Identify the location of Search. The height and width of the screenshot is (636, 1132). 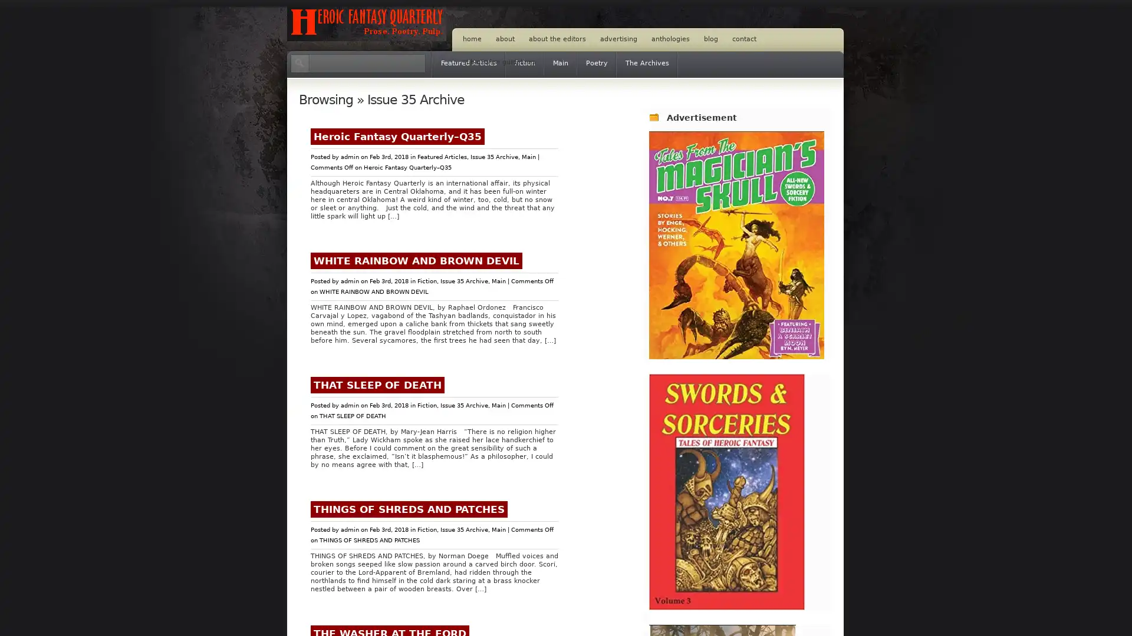
(300, 64).